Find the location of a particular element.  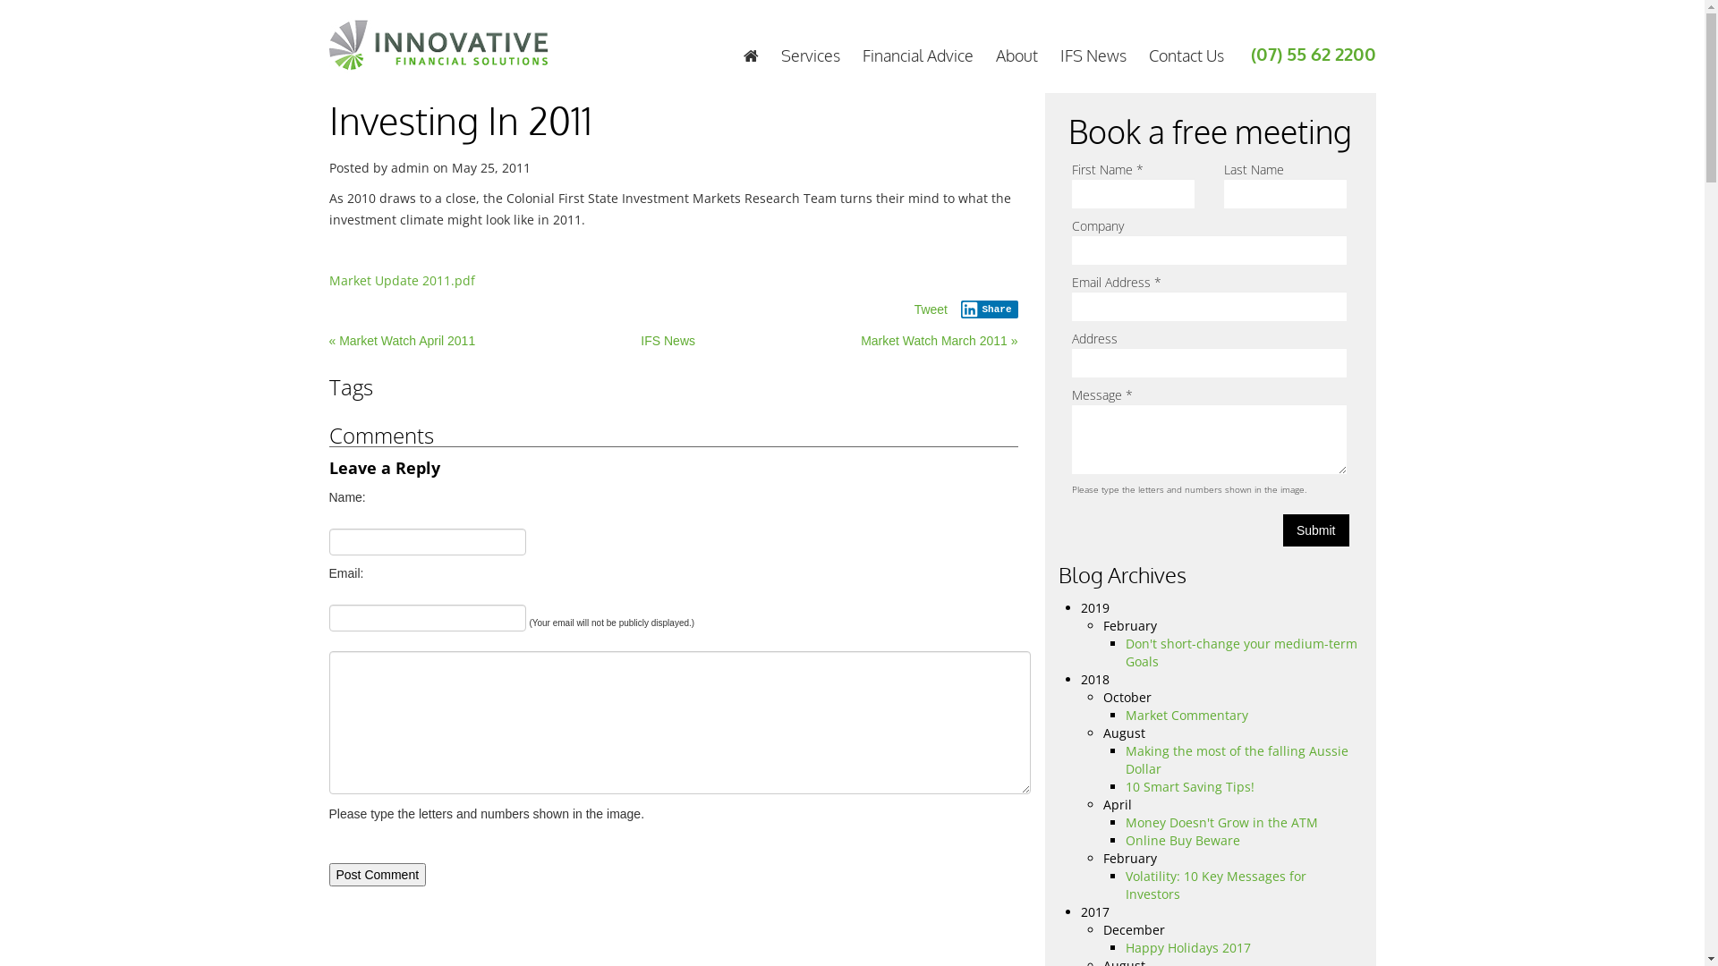

'Services' is located at coordinates (809, 54).